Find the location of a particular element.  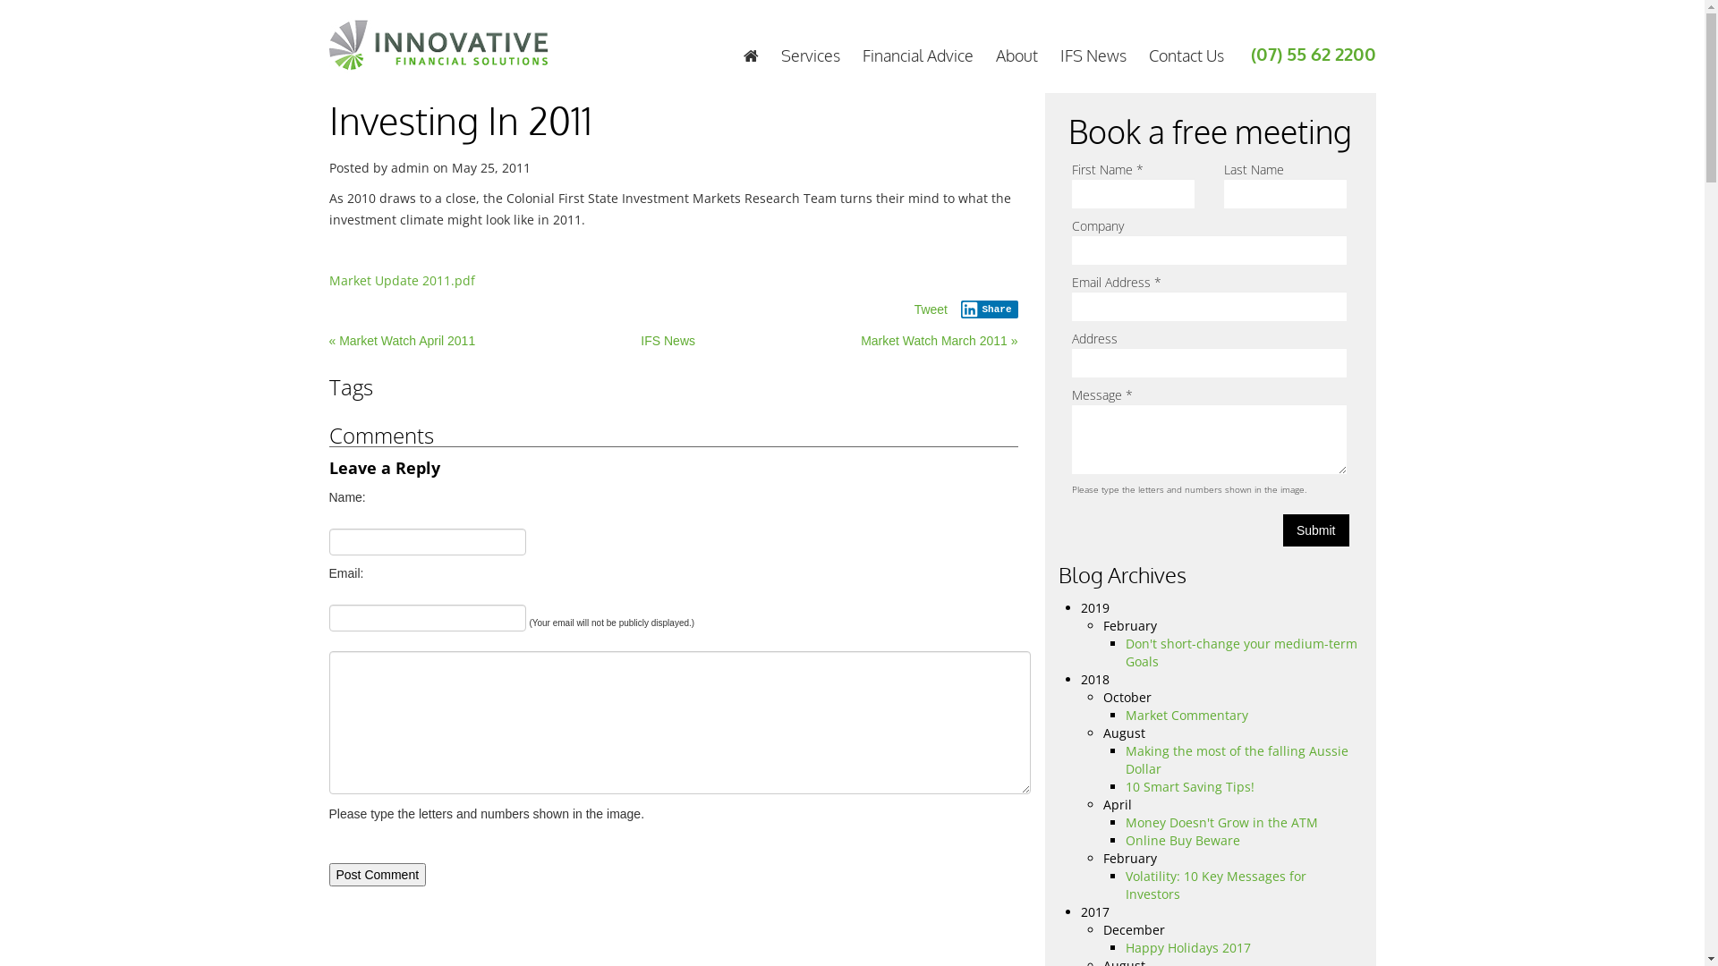

'Services' is located at coordinates (809, 54).